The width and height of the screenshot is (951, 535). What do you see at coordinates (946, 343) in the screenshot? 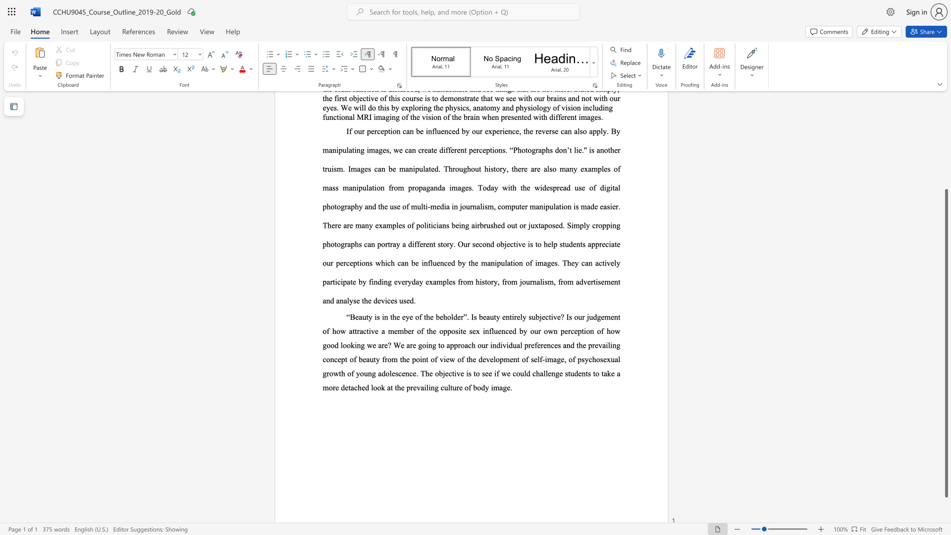
I see `the scrollbar and move down 20 pixels` at bounding box center [946, 343].